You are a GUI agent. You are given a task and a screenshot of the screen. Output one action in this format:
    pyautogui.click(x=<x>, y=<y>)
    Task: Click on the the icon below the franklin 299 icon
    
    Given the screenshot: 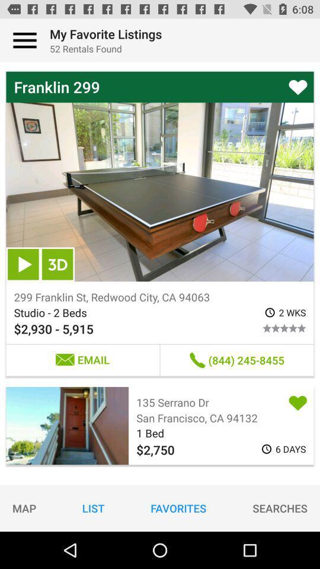 What is the action you would take?
    pyautogui.click(x=57, y=264)
    